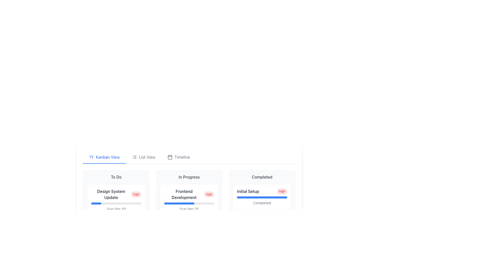 The height and width of the screenshot is (272, 485). What do you see at coordinates (147, 157) in the screenshot?
I see `the 'List View' label, styled in a neutral gray font, located in the top central part of the interface` at bounding box center [147, 157].